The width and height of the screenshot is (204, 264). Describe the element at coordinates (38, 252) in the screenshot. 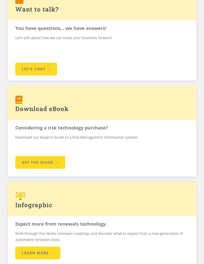

I see `'Learn more →'` at that location.